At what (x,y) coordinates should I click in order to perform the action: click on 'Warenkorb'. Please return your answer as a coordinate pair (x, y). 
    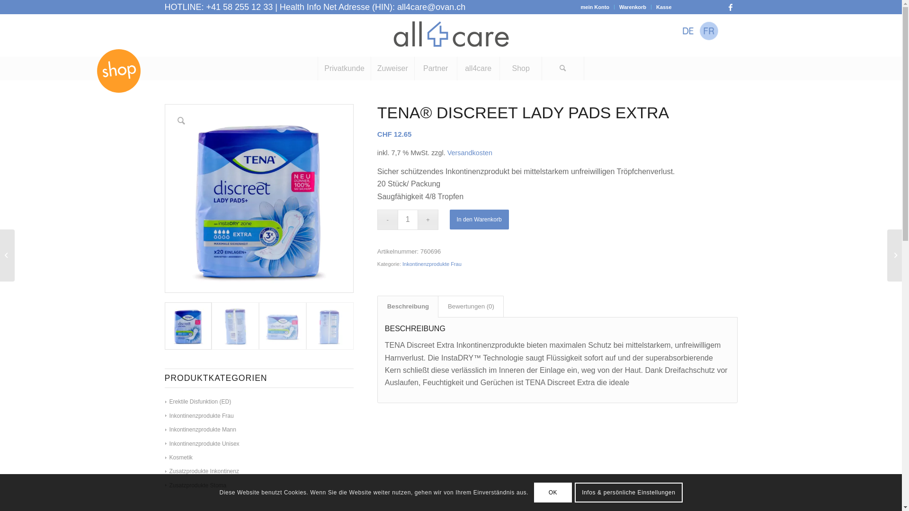
    Looking at the image, I should click on (633, 7).